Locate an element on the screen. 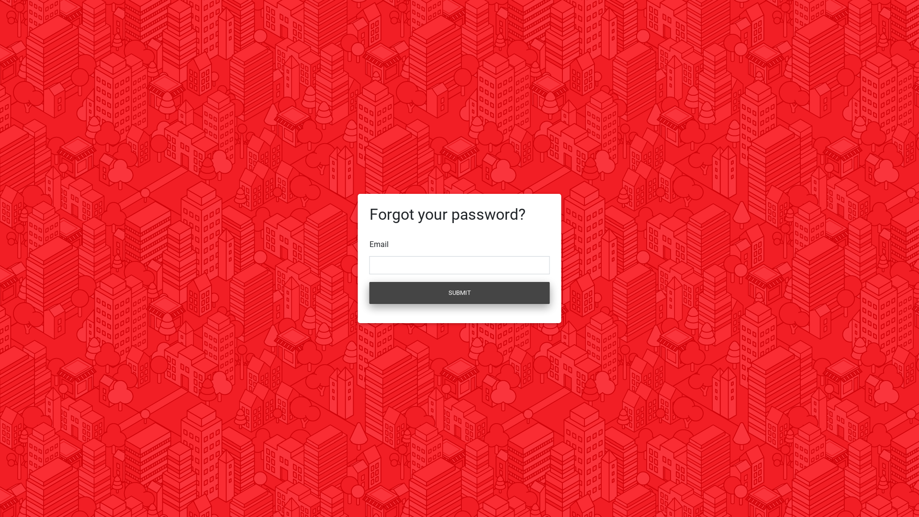 The image size is (919, 517). 'SUBMIT' is located at coordinates (459, 292).